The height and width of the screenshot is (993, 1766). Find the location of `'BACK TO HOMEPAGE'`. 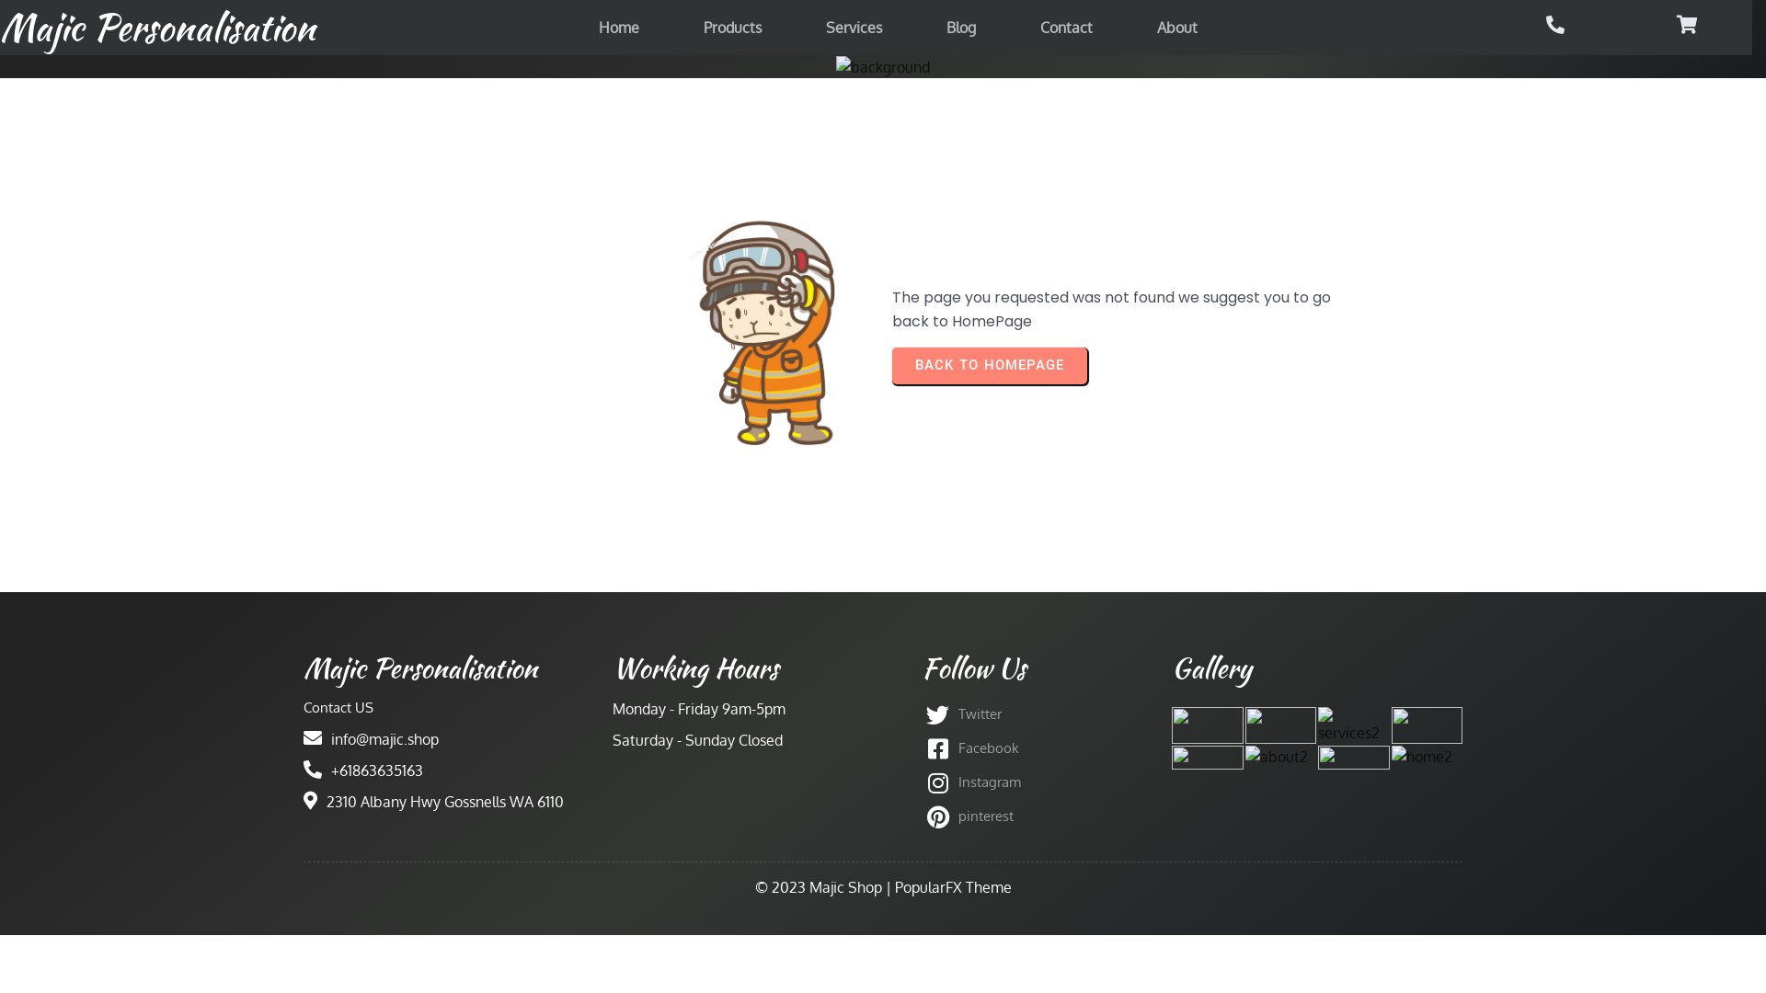

'BACK TO HOMEPAGE' is located at coordinates (988, 365).